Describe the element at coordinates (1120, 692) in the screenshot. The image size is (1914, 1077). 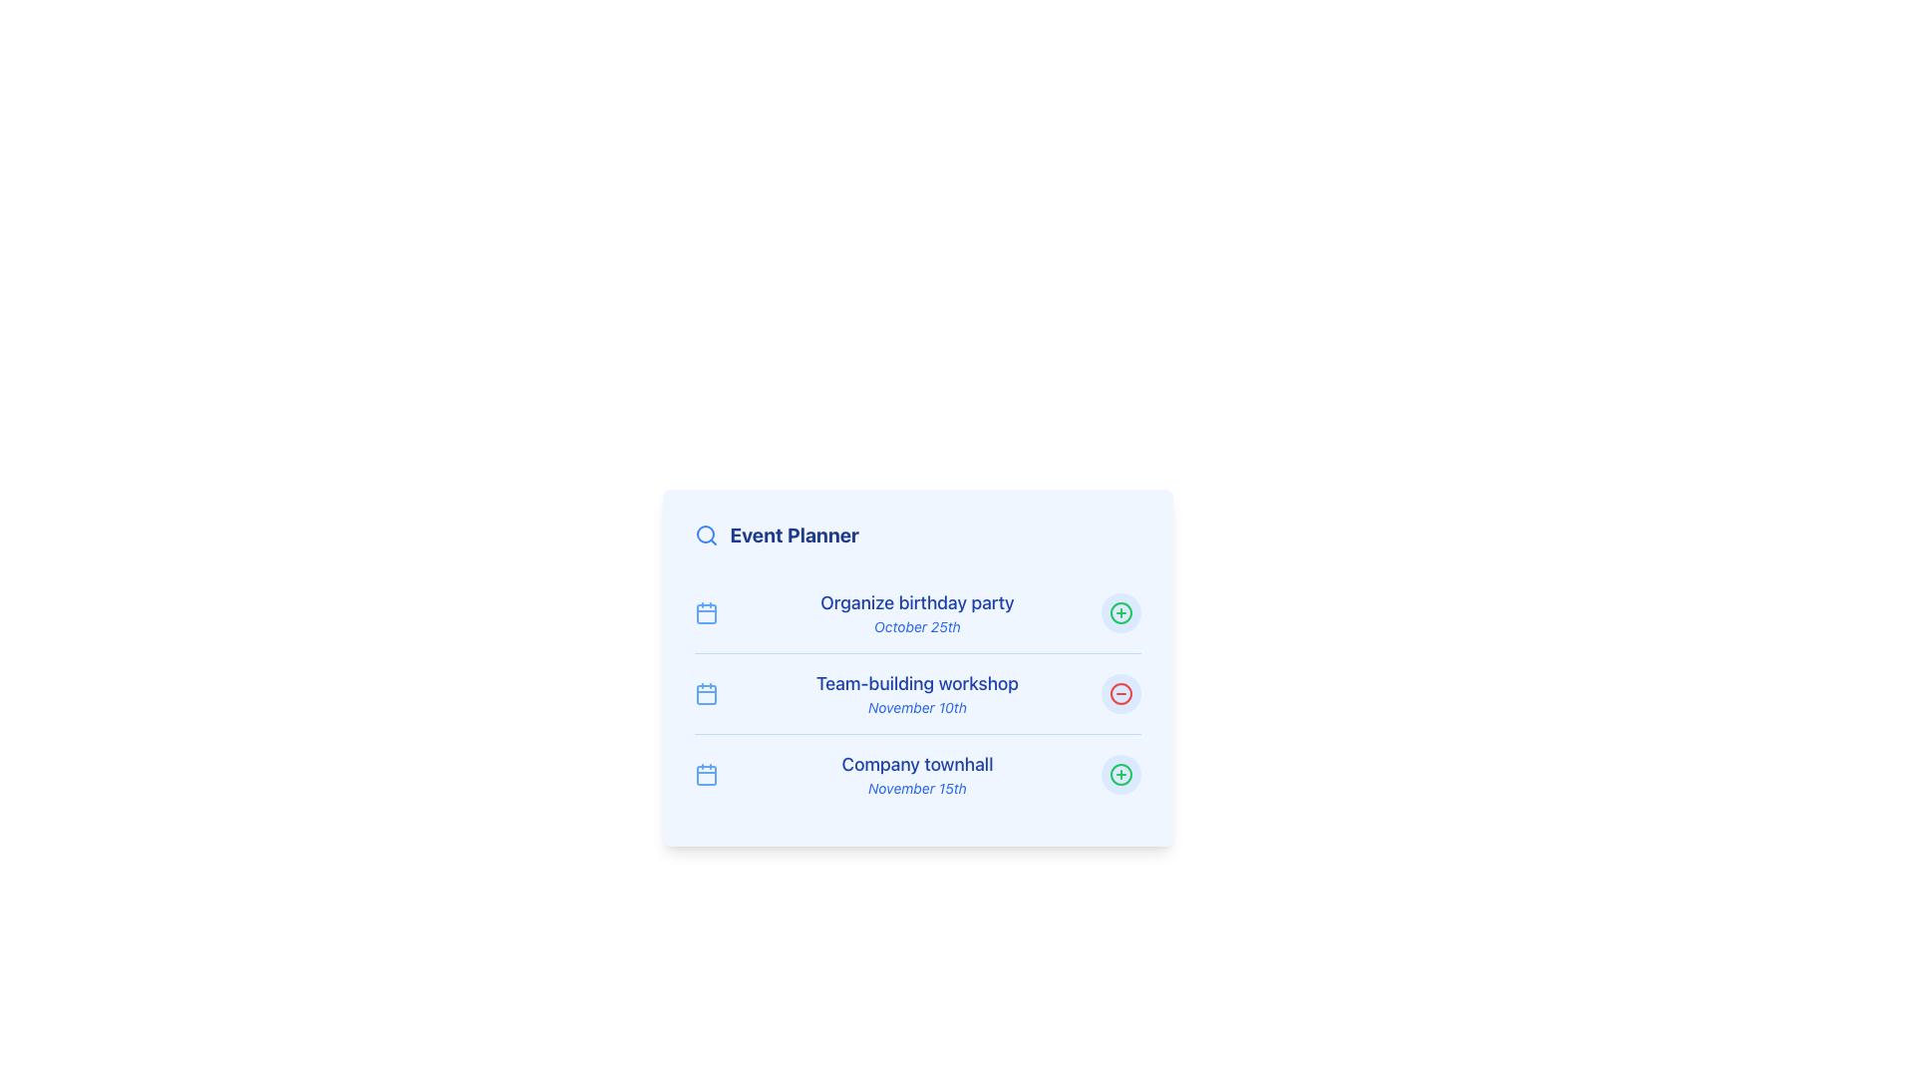
I see `the circular red outlined icon with a horizontal minus symbol` at that location.